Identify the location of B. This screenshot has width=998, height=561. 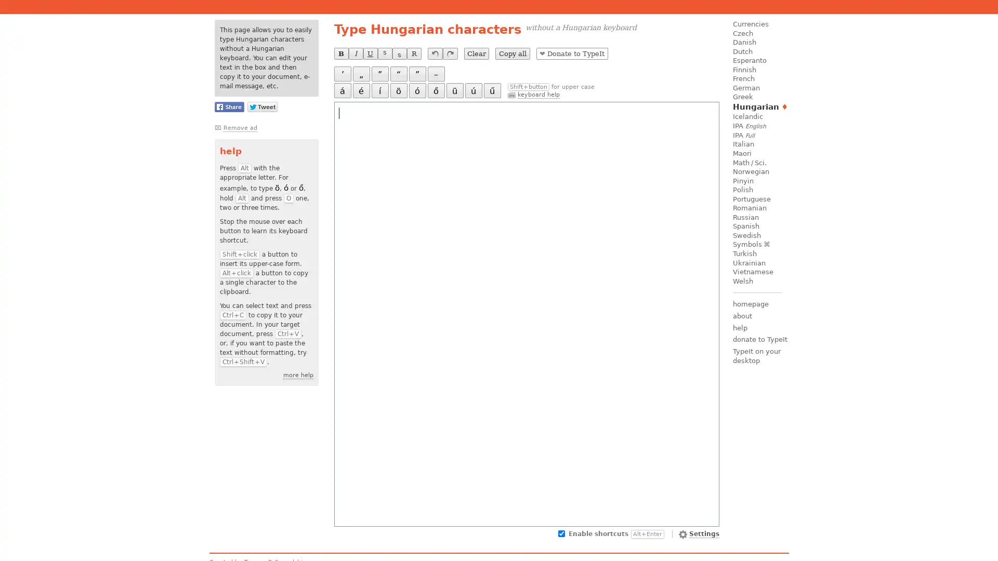
(341, 54).